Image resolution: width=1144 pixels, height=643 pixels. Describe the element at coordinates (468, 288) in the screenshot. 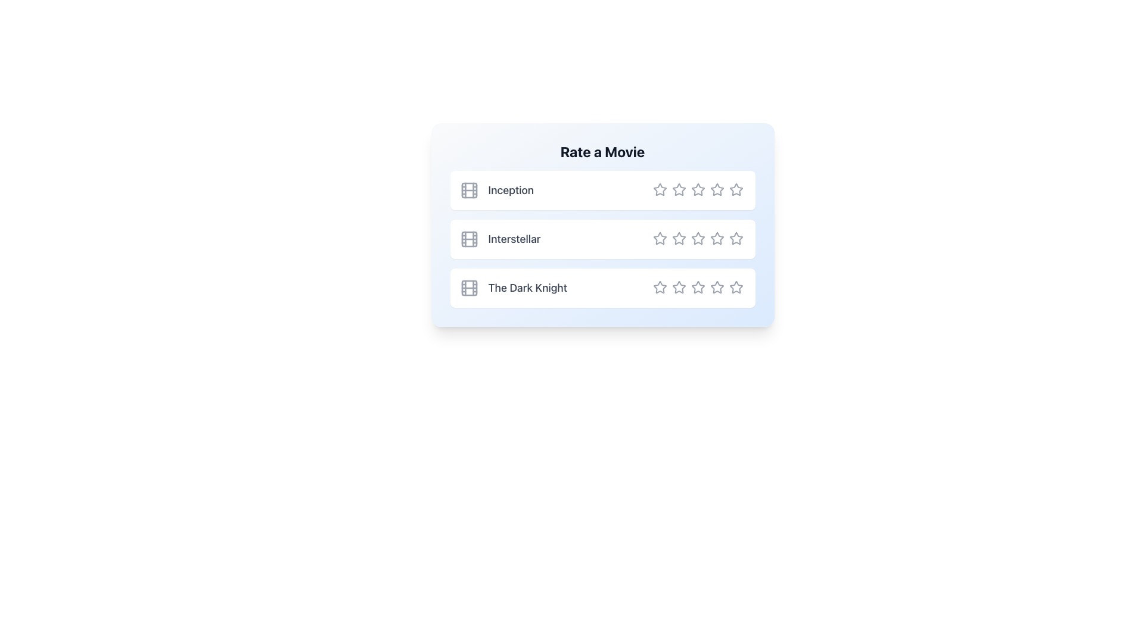

I see `the film icon element, which is styled in light-gray and located to the left of the text 'The Dark Knight' in the movie rating section` at that location.